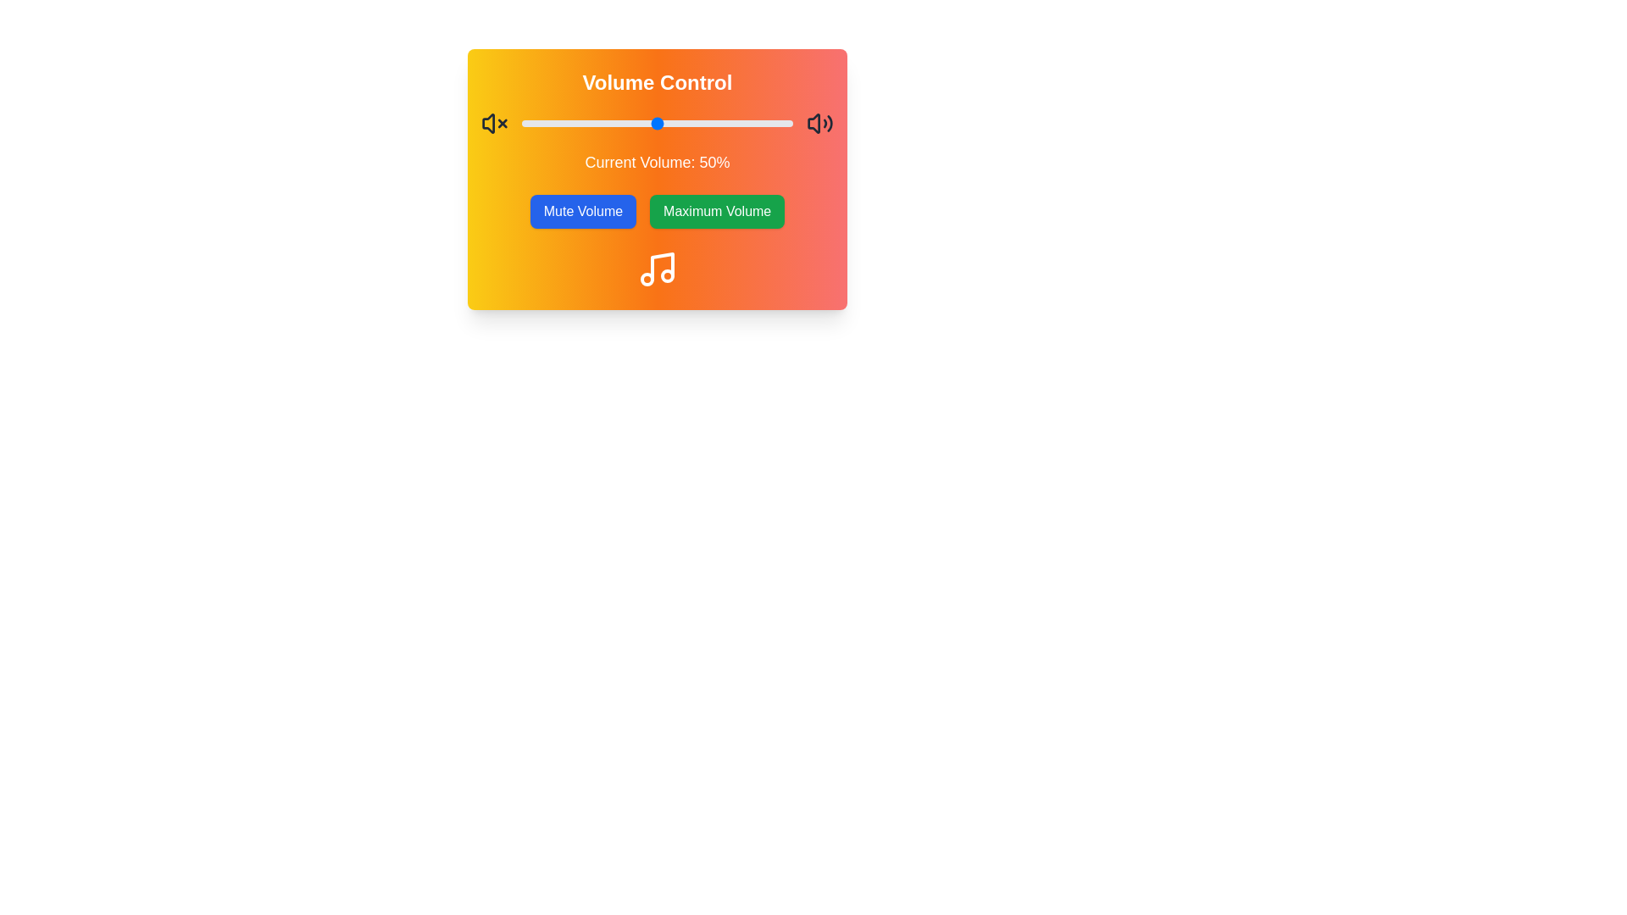  What do you see at coordinates (549, 123) in the screenshot?
I see `the volume slider to 10%` at bounding box center [549, 123].